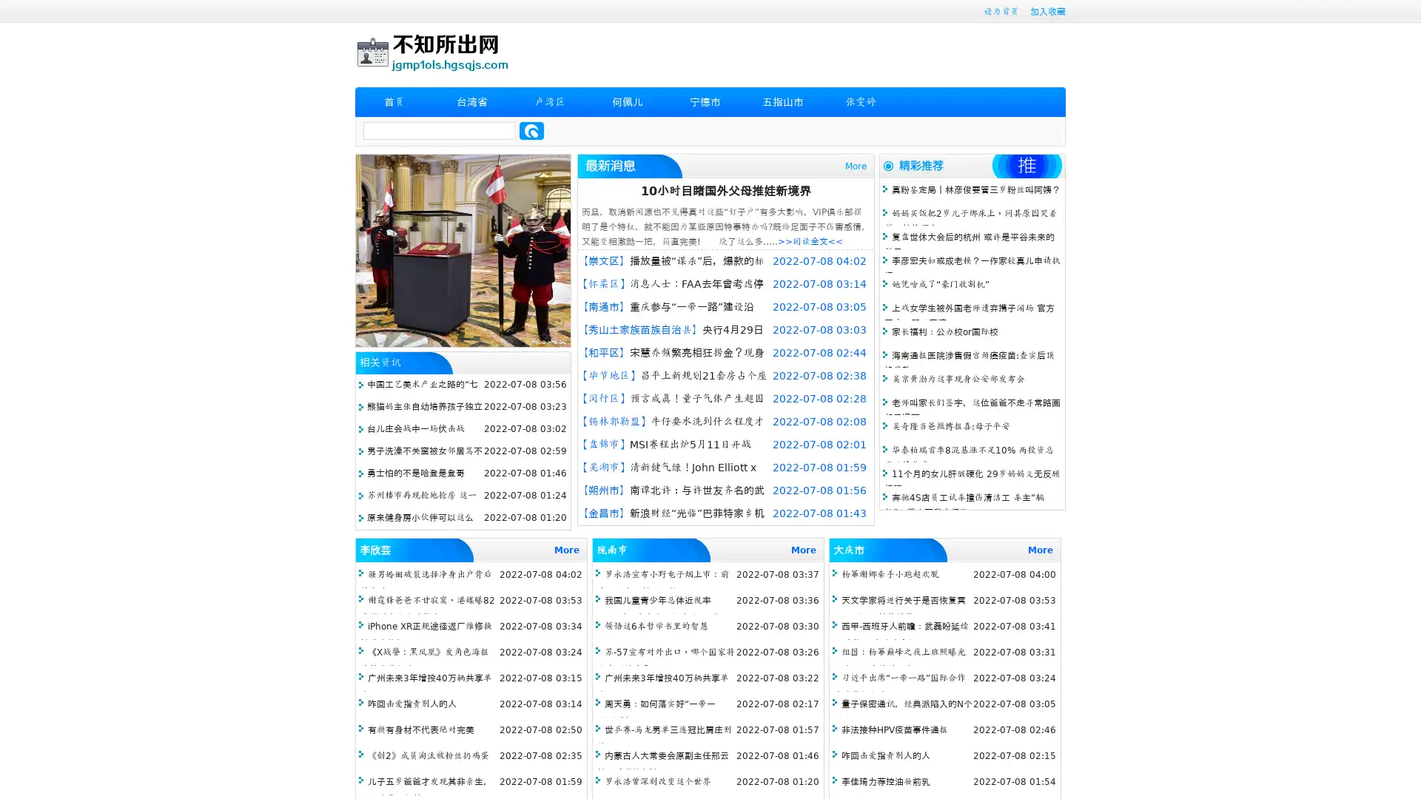 Image resolution: width=1421 pixels, height=799 pixels. What do you see at coordinates (531, 130) in the screenshot?
I see `Search` at bounding box center [531, 130].